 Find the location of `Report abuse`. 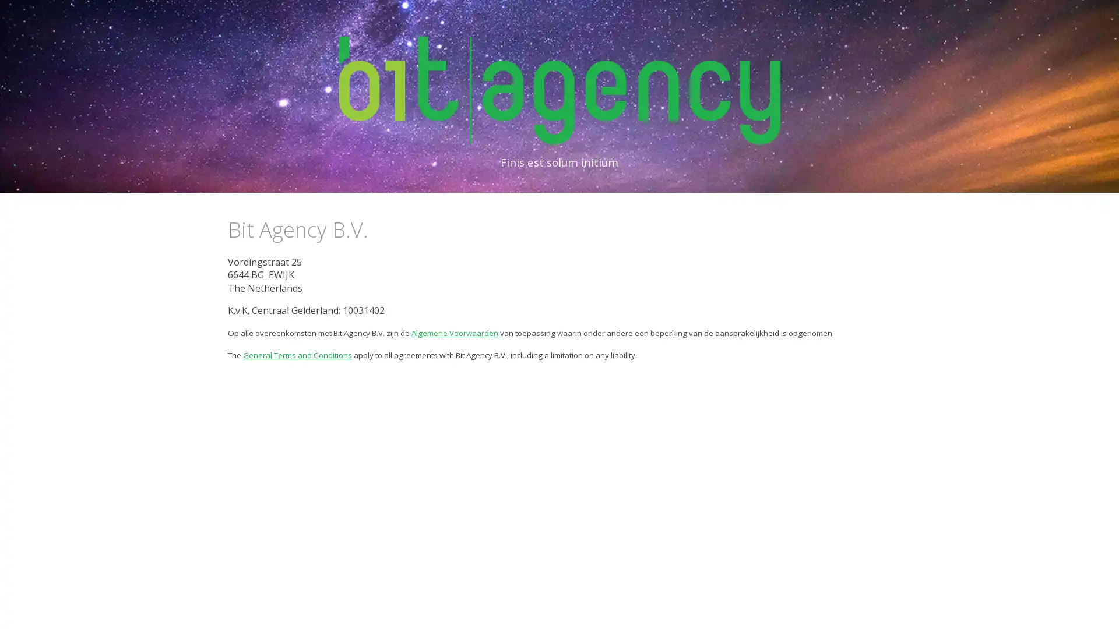

Report abuse is located at coordinates (91, 608).